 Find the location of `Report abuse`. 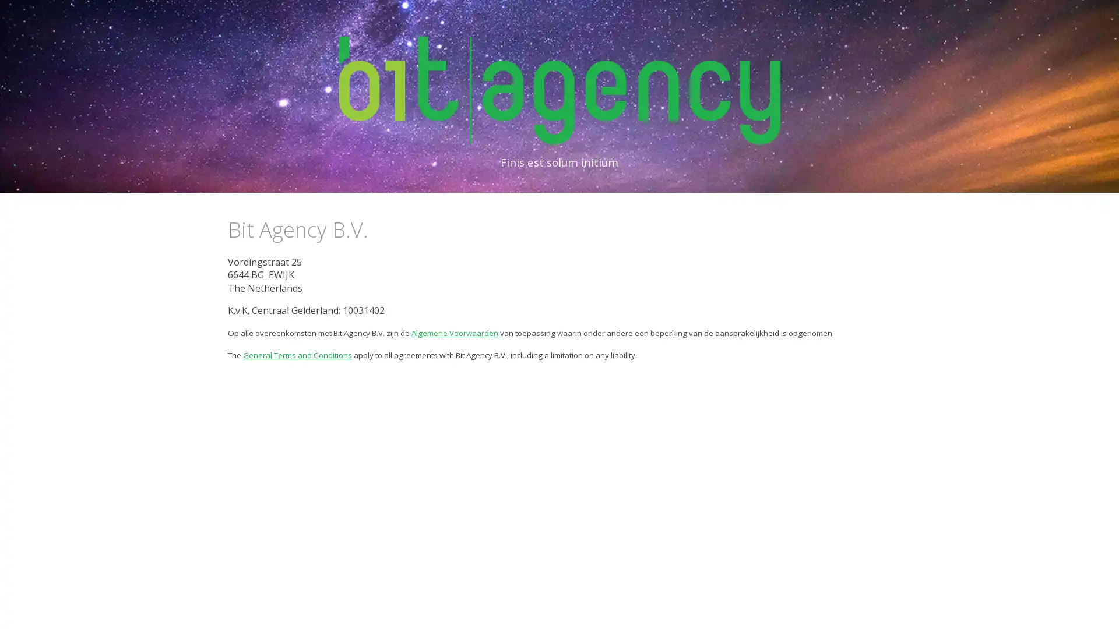

Report abuse is located at coordinates (91, 608).